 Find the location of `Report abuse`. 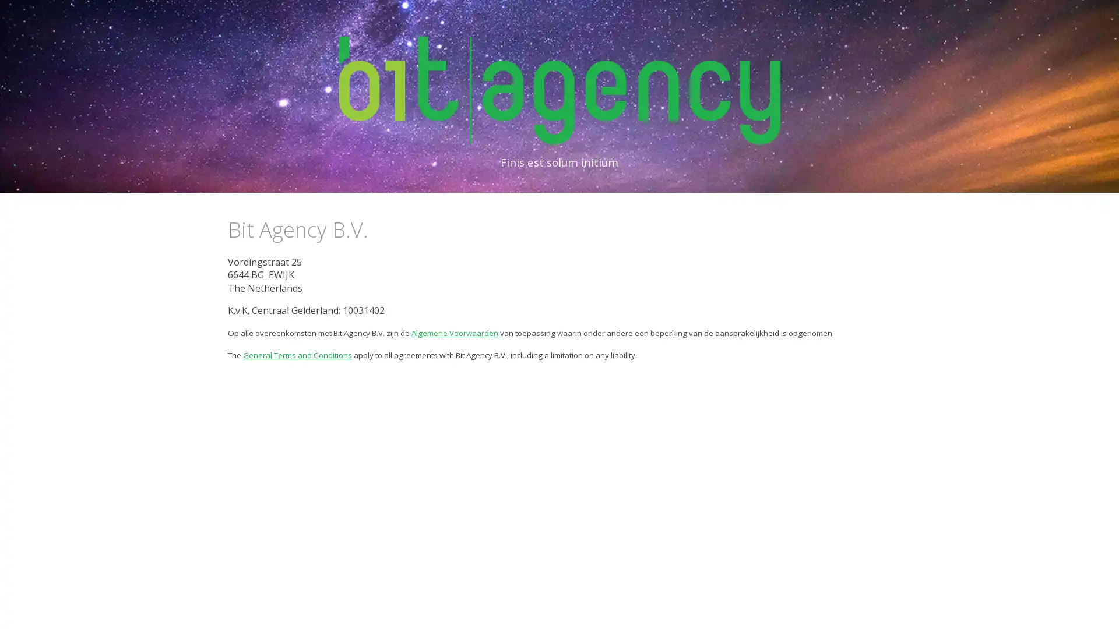

Report abuse is located at coordinates (91, 608).